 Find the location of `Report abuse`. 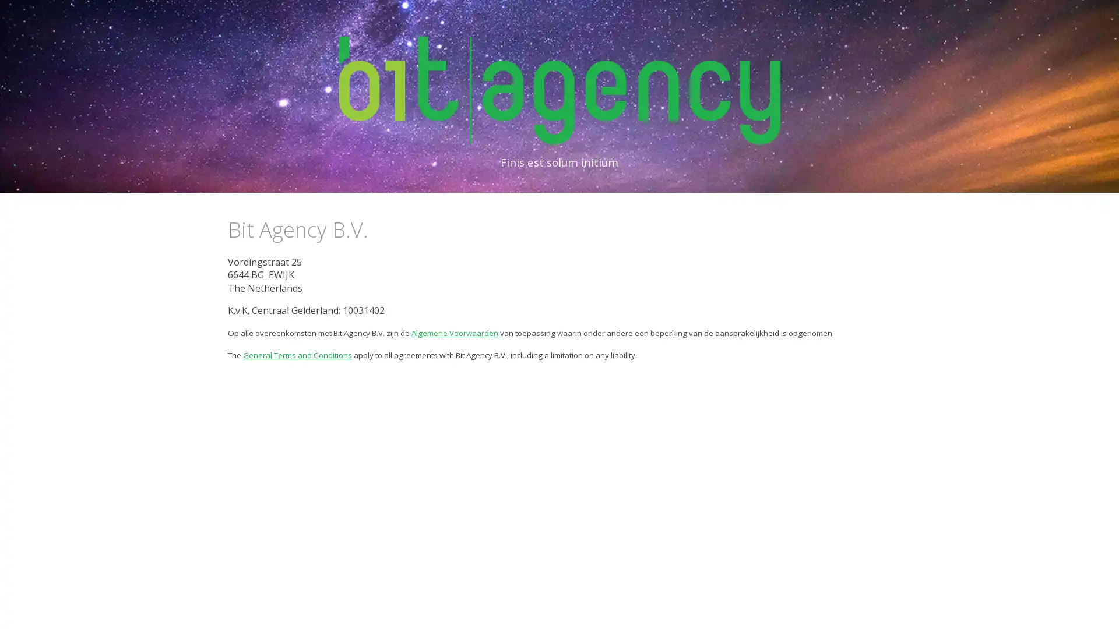

Report abuse is located at coordinates (91, 608).